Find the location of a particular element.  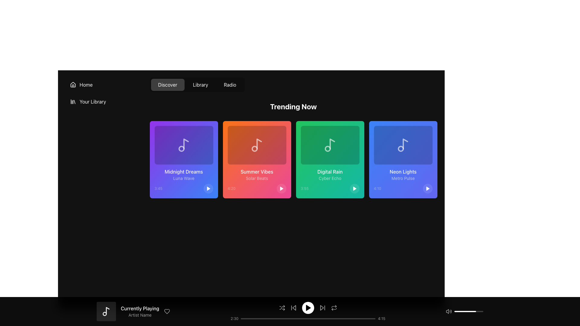

the text label displaying the subtitle or artist name for the 'Summer Vibes' music card, located below the main title within the 'Trending Now' section of the second card is located at coordinates (257, 178).